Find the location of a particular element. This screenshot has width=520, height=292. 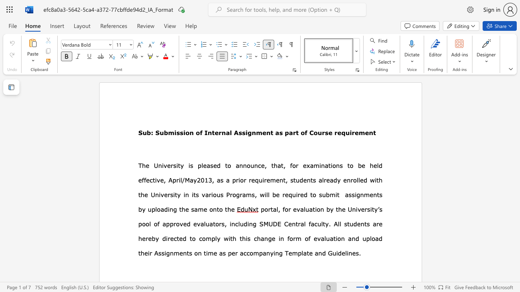

the subset text "e, tha" within the text "The University is pleased to announce, that" is located at coordinates (261, 165).